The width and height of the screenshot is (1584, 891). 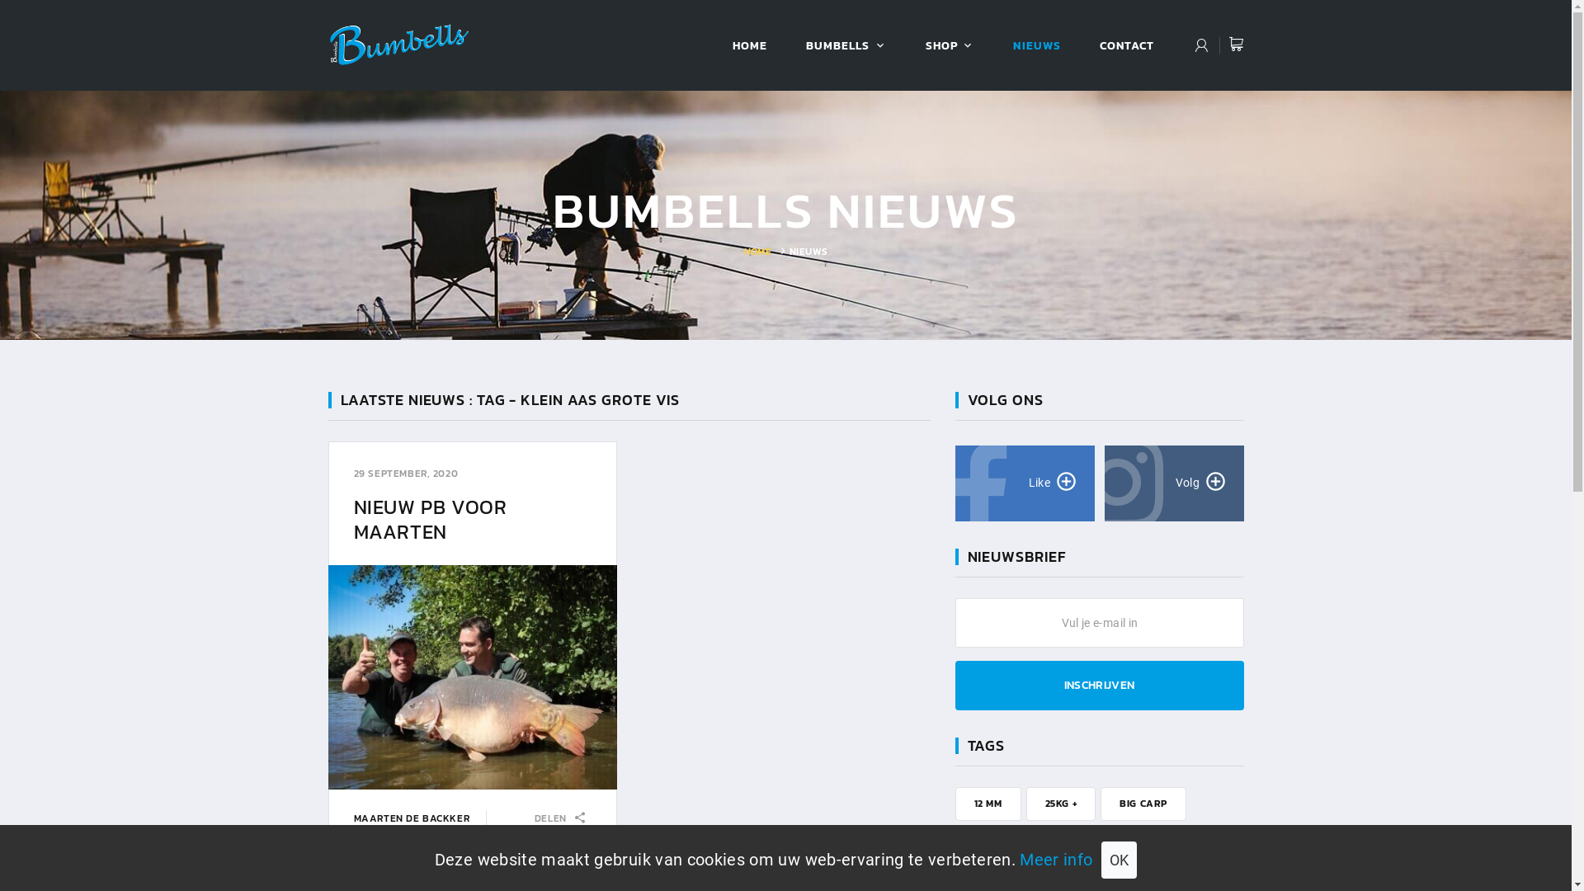 What do you see at coordinates (1100, 685) in the screenshot?
I see `'INSCHRIJVEN'` at bounding box center [1100, 685].